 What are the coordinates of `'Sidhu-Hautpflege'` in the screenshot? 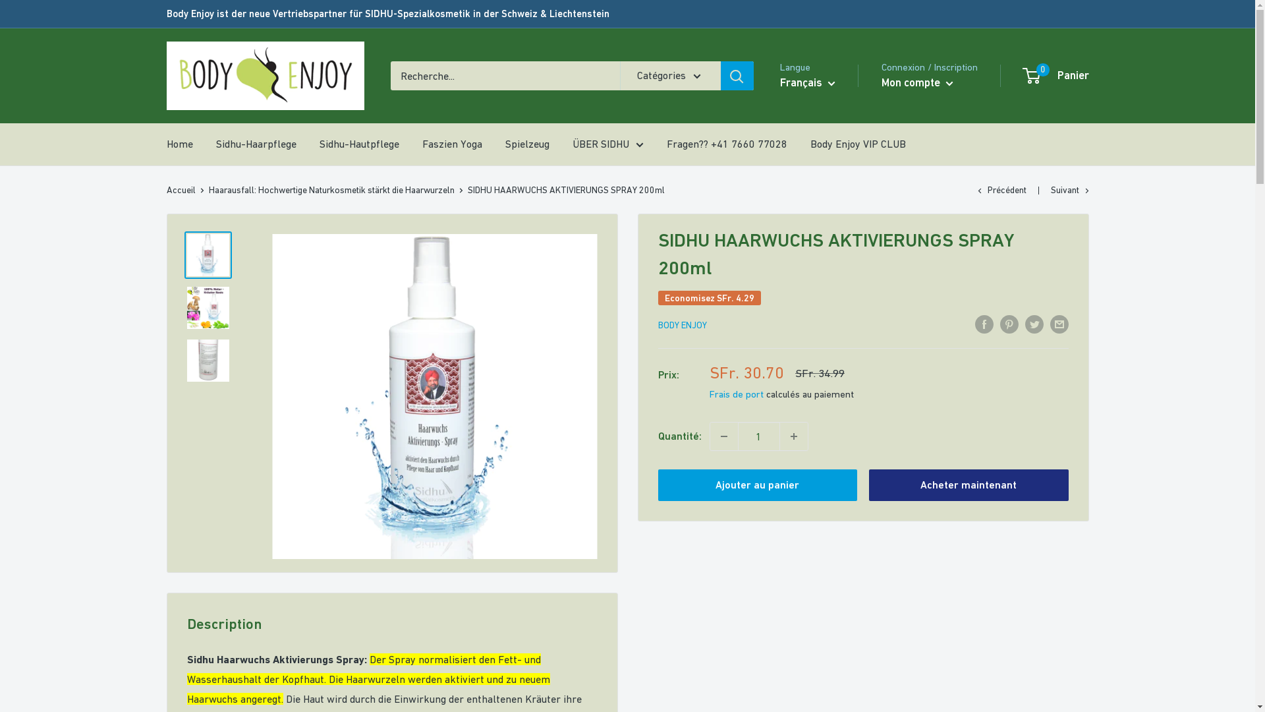 It's located at (358, 144).